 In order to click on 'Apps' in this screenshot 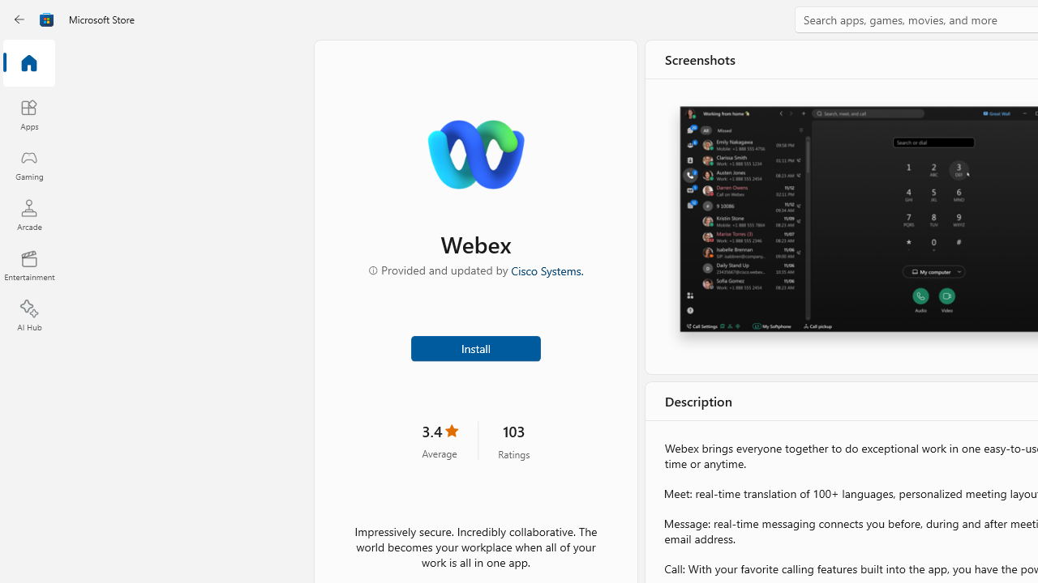, I will do `click(28, 113)`.